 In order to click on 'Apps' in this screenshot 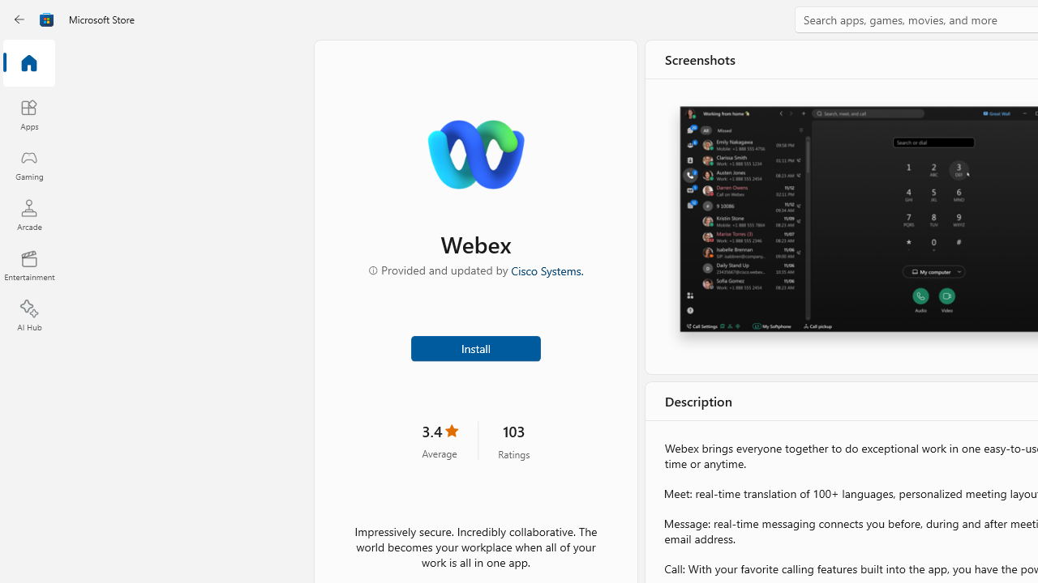, I will do `click(28, 113)`.